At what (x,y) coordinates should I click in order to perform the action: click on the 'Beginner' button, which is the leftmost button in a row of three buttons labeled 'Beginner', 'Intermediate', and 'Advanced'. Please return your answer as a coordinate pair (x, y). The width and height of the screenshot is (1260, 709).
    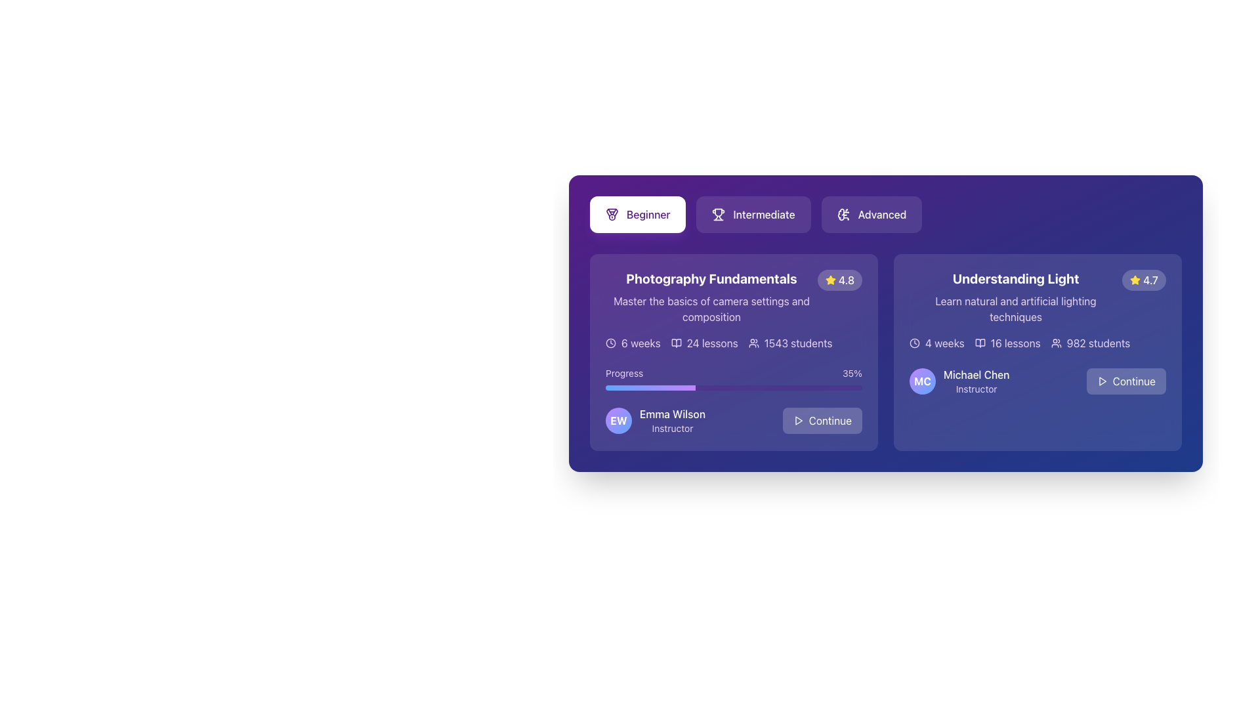
    Looking at the image, I should click on (638, 214).